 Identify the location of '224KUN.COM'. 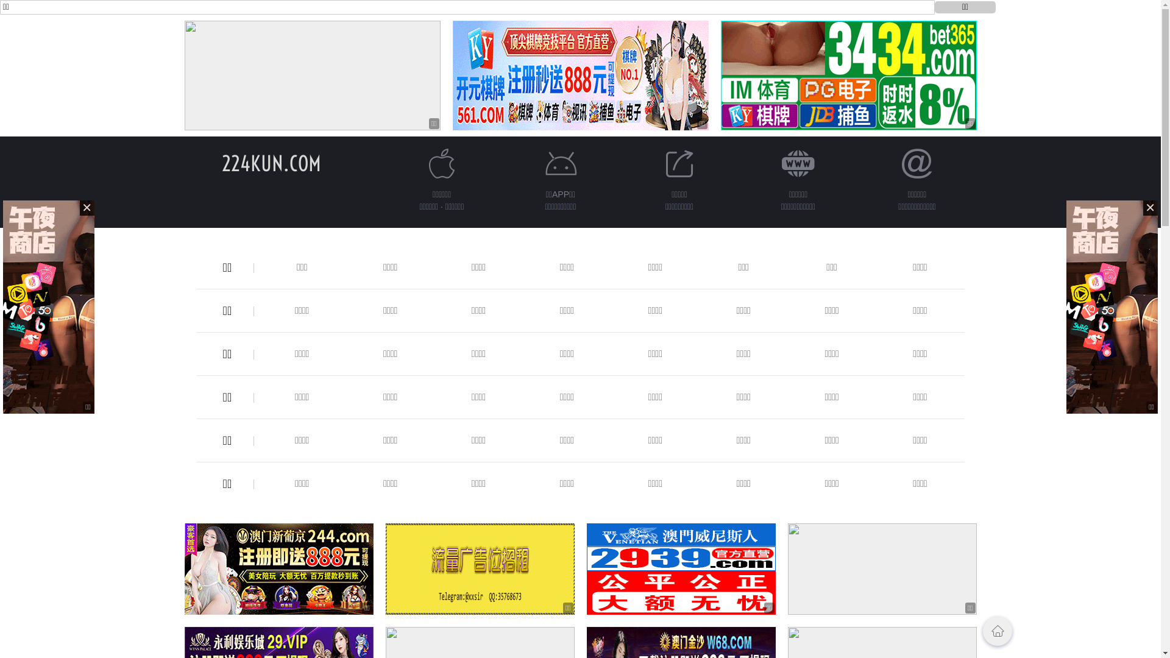
(222, 163).